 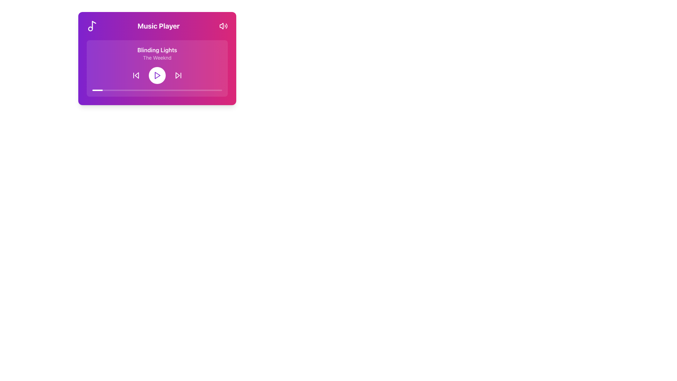 What do you see at coordinates (157, 68) in the screenshot?
I see `the play button within the Music playback interface component that displays the song title 'Blinding Lights' and artist 'The Weeknd'` at bounding box center [157, 68].